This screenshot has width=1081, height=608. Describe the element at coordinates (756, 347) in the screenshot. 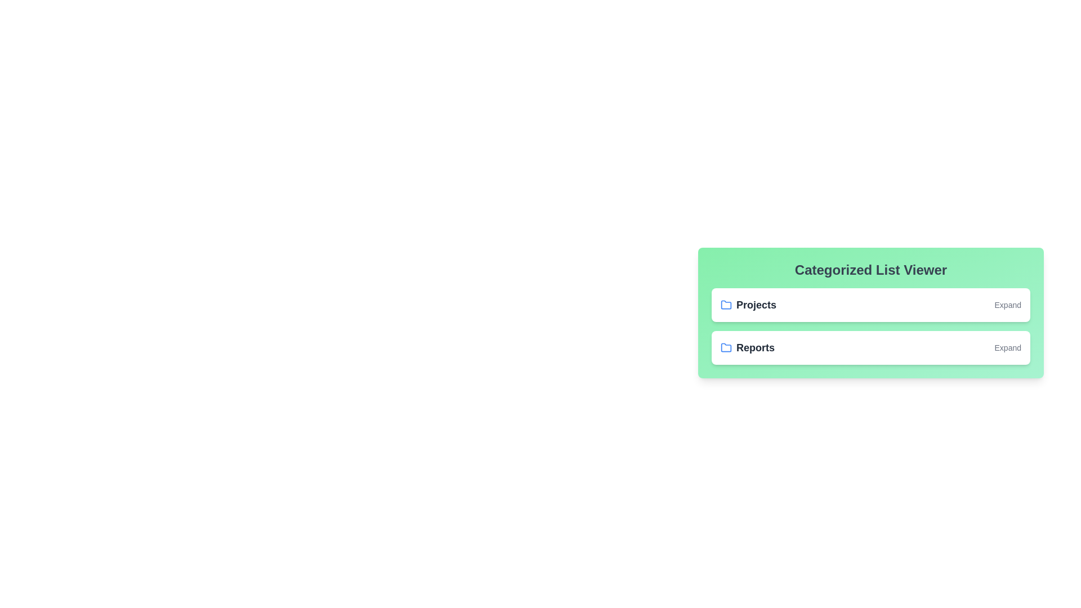

I see `the category name Reports to toggle its expansion` at that location.